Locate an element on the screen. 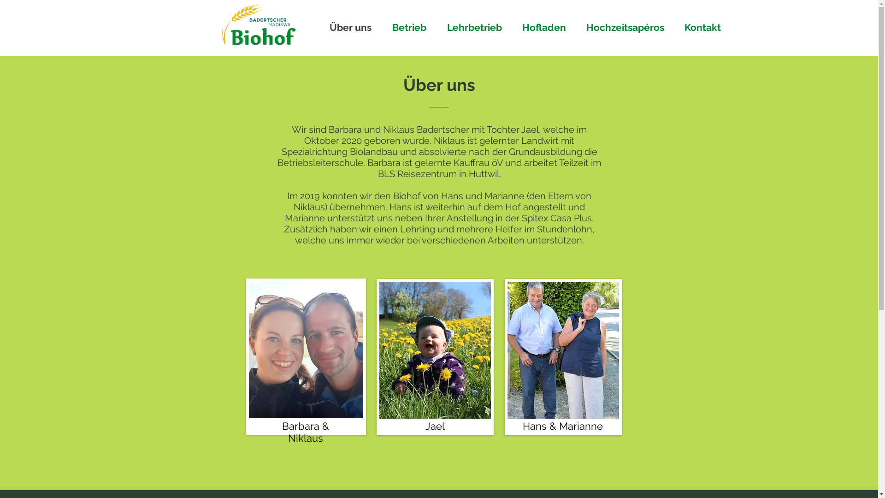  'Betrieb' is located at coordinates (412, 27).